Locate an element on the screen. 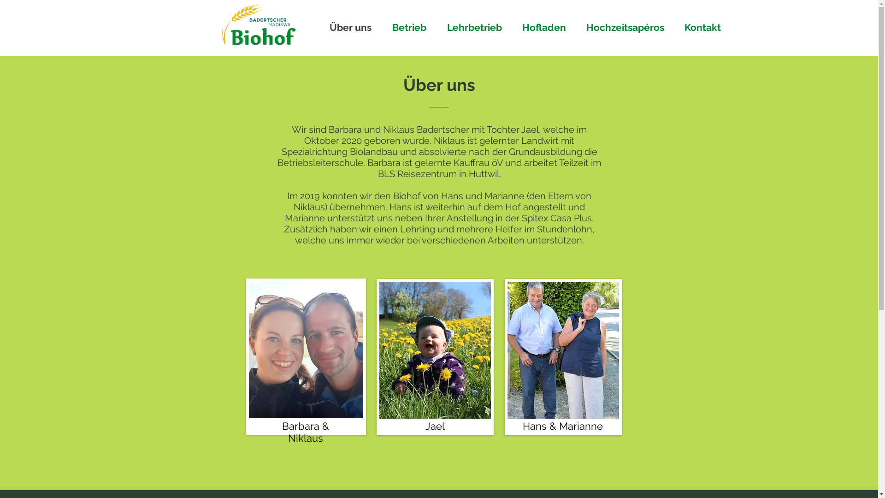  'Betrieb' is located at coordinates (412, 27).